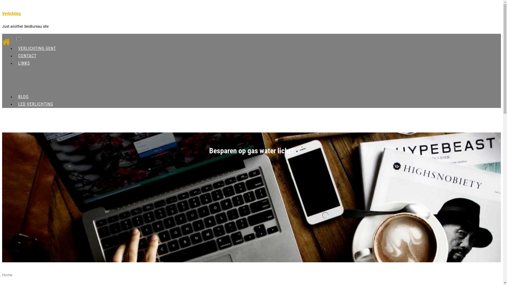 The image size is (507, 285). Describe the element at coordinates (19, 38) in the screenshot. I see `'Toggle navigatie'` at that location.